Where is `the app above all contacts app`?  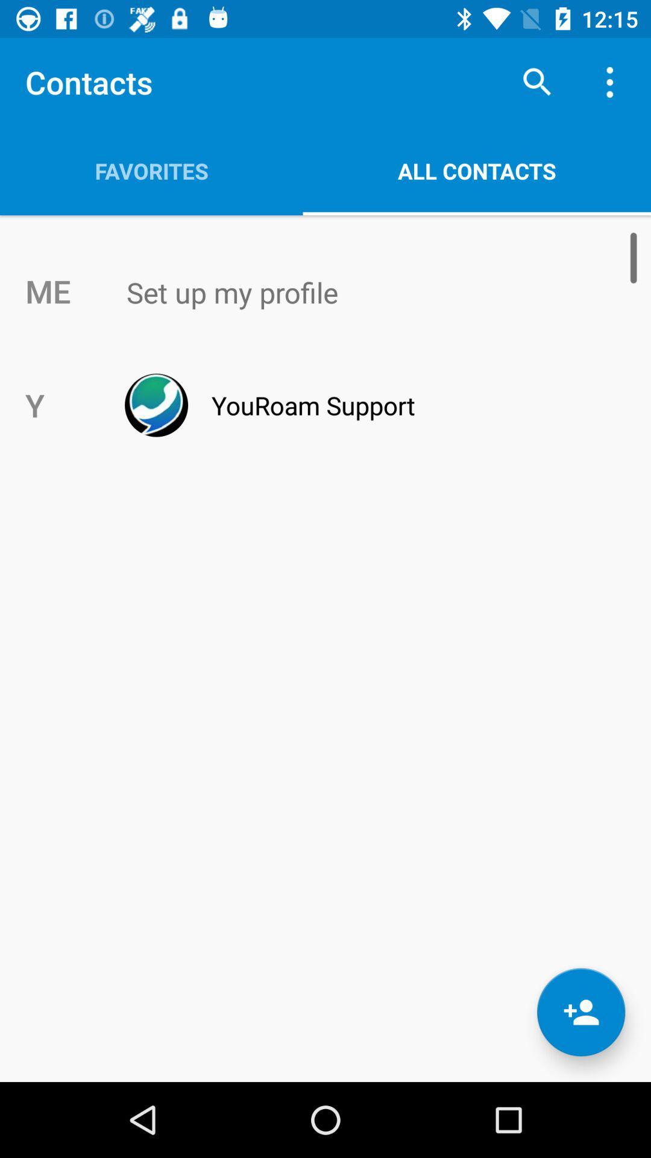 the app above all contacts app is located at coordinates (536, 81).